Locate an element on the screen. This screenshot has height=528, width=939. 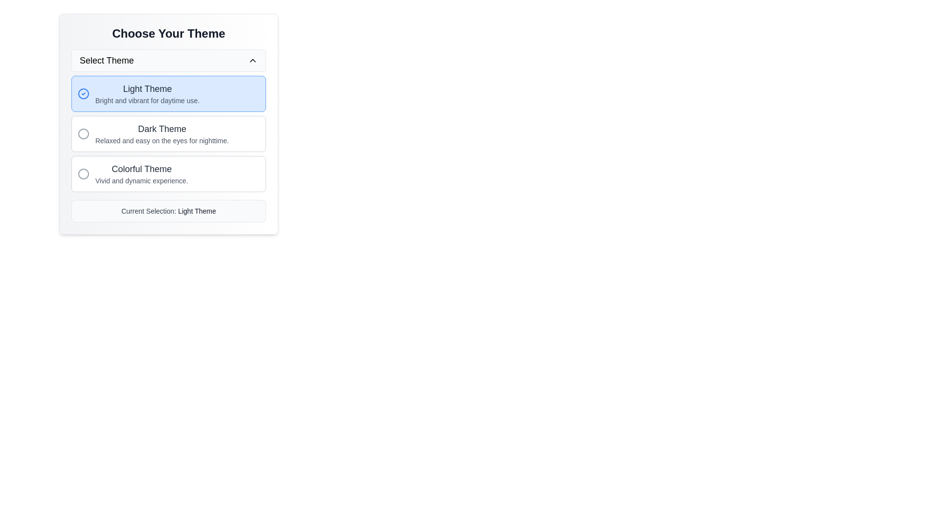
the descriptive text element for the 'Colorful Theme' selection option, which is positioned immediately below the 'Colorful Theme' text and aligned centrally is located at coordinates (141, 181).